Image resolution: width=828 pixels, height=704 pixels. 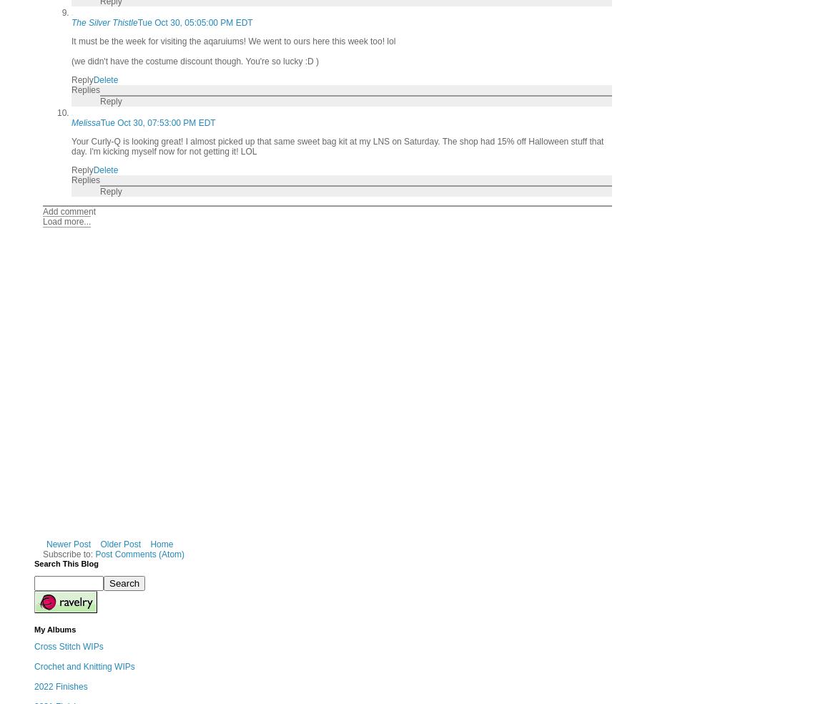 I want to click on 'Crochet and Knitting WIPs', so click(x=84, y=667).